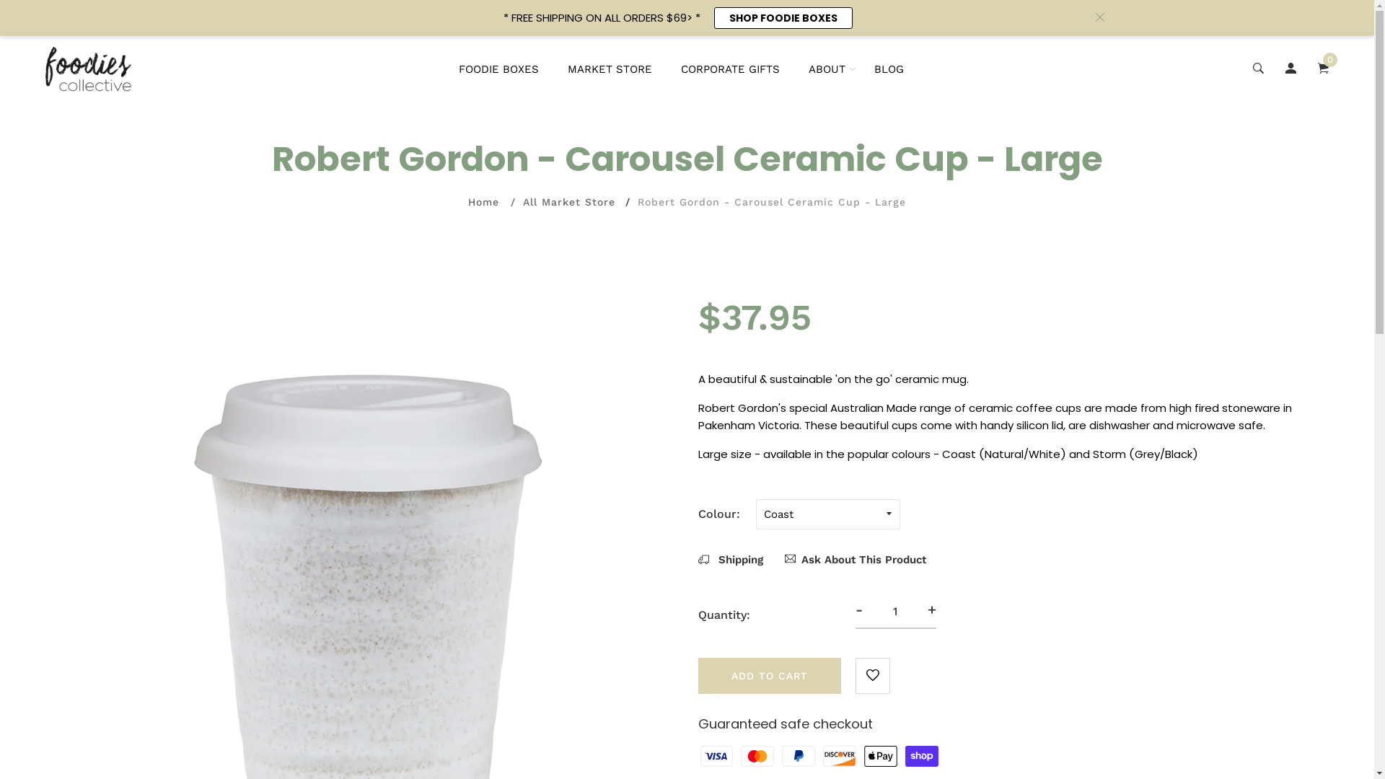 The image size is (1385, 779). Describe the element at coordinates (768, 676) in the screenshot. I see `'ADD TO CART'` at that location.